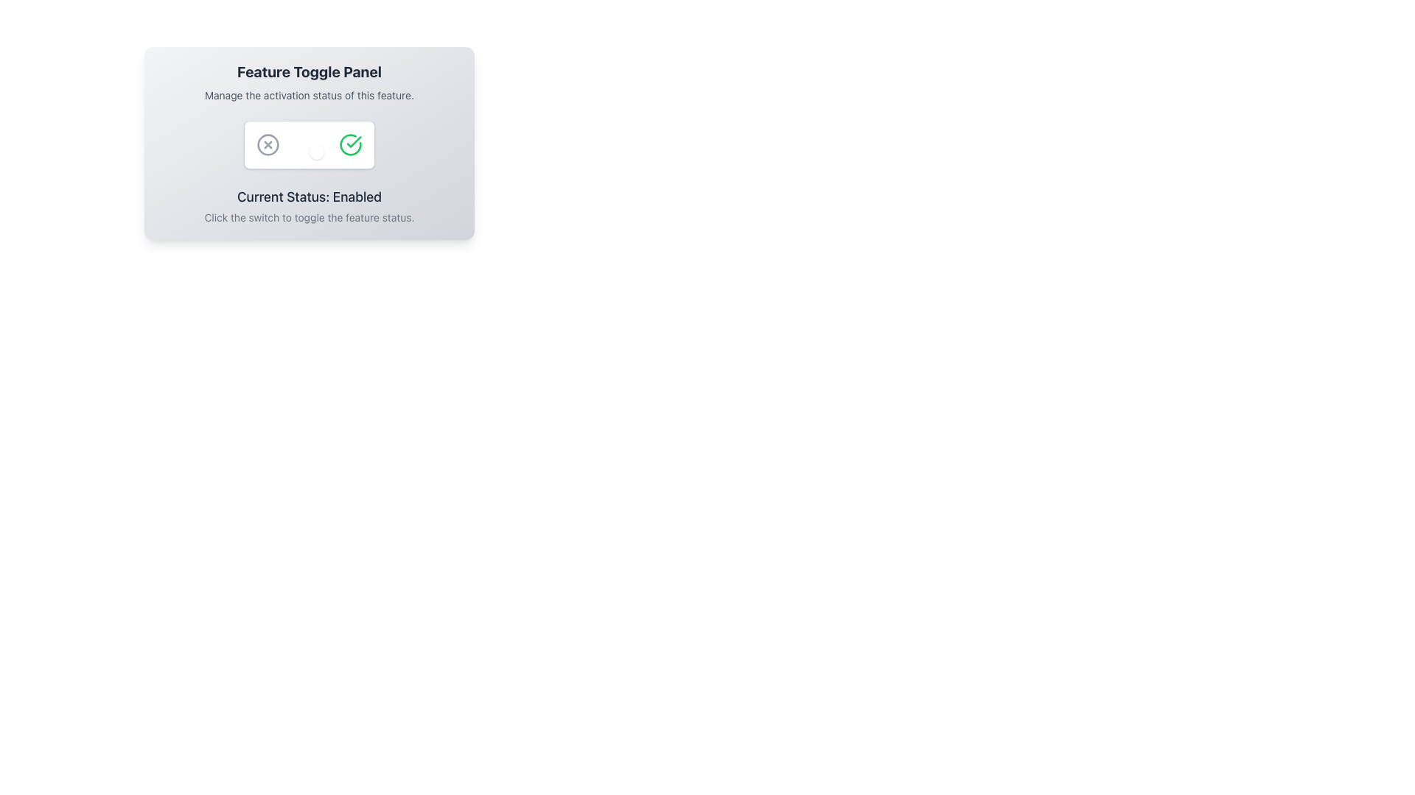  What do you see at coordinates (308, 206) in the screenshot?
I see `the Informational Text Block that announces 'Current Status: Enabled' and instructs 'Click the switch to toggle the feature status.'` at bounding box center [308, 206].